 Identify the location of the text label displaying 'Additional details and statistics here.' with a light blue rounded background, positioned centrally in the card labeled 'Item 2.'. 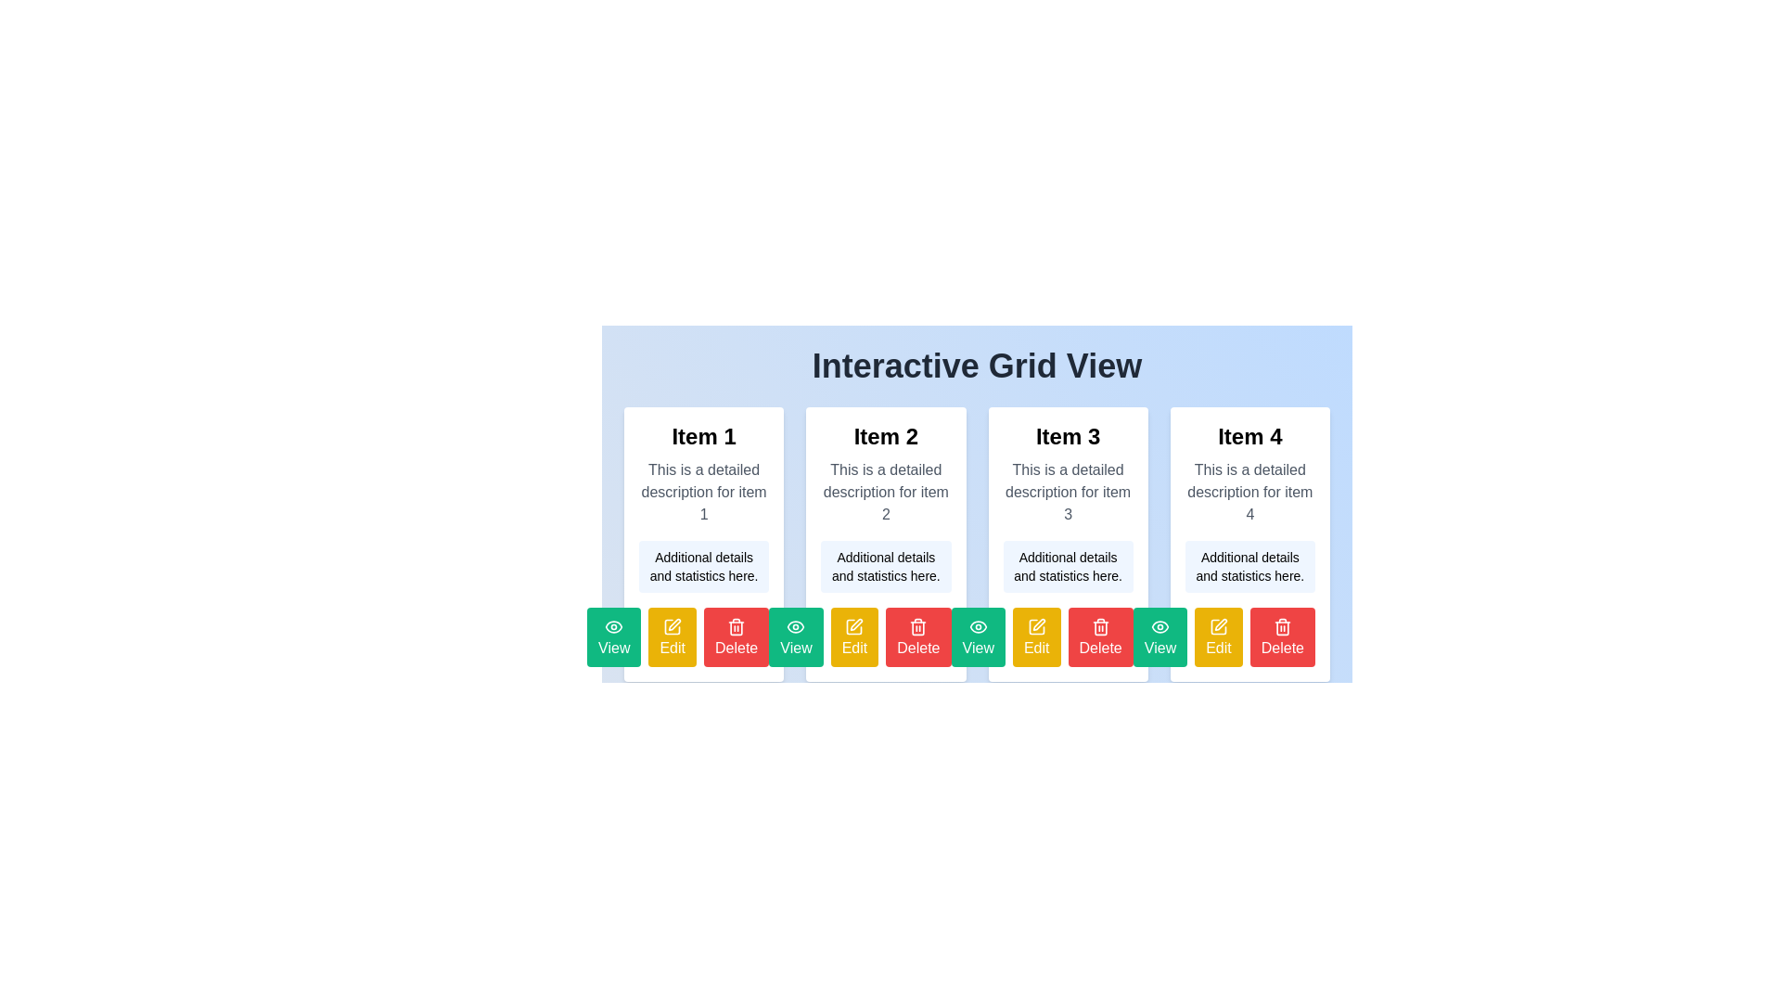
(885, 565).